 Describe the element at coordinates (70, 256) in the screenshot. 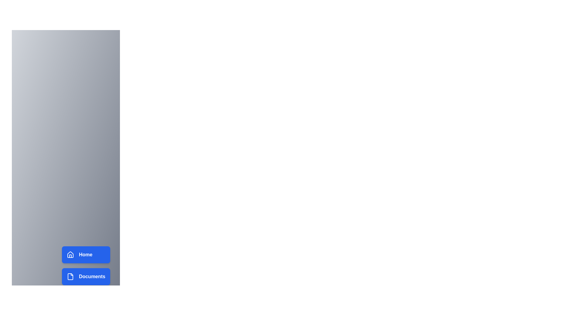

I see `the small graphic component inside the house icon, which is located towards the bottom edge of the left-side panel of the application` at that location.